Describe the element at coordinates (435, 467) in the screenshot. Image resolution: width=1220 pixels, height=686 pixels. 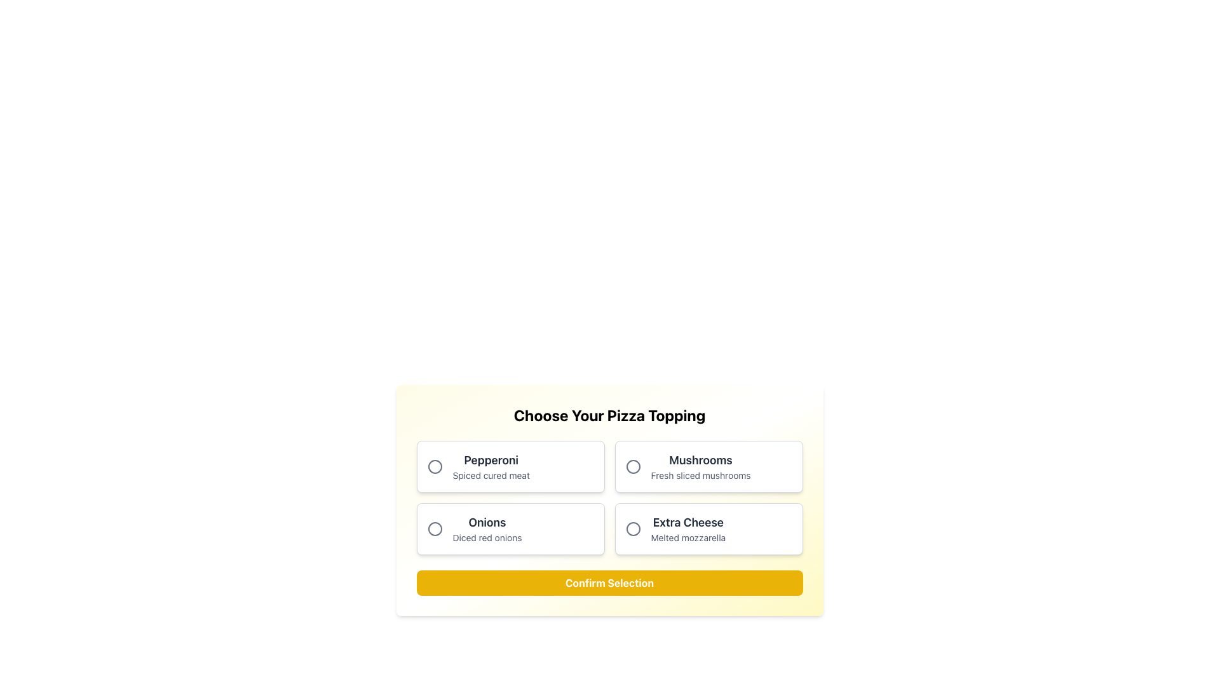
I see `the radio button indicator circle` at that location.